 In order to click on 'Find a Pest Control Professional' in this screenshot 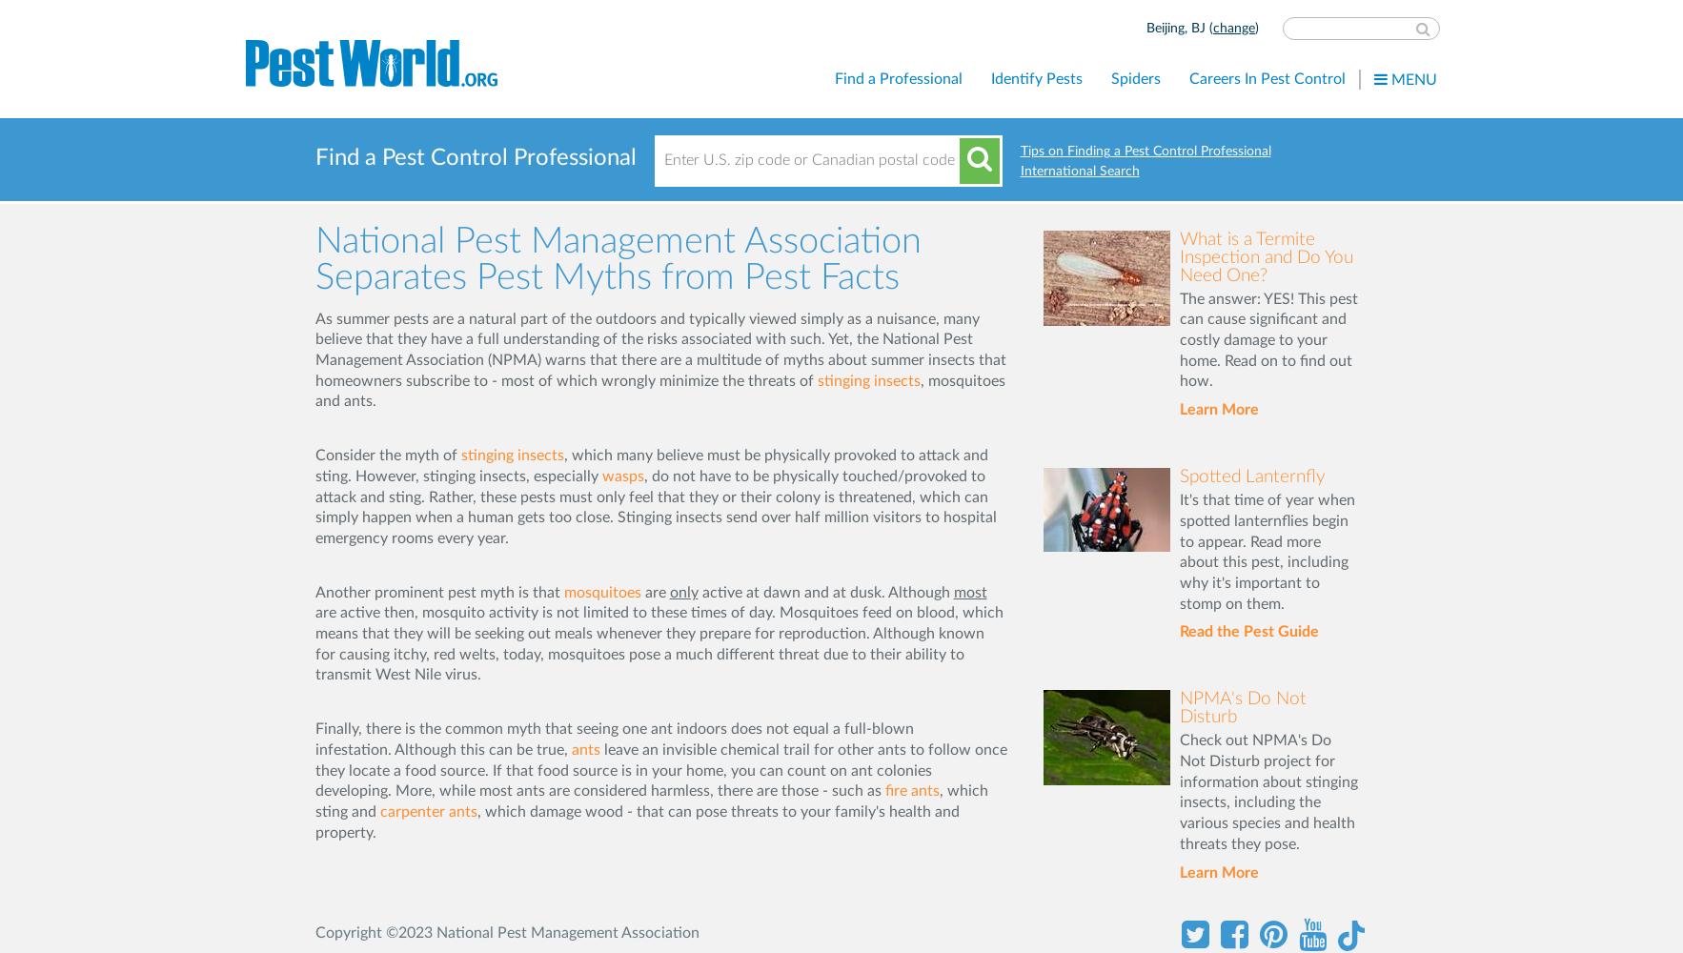, I will do `click(475, 157)`.